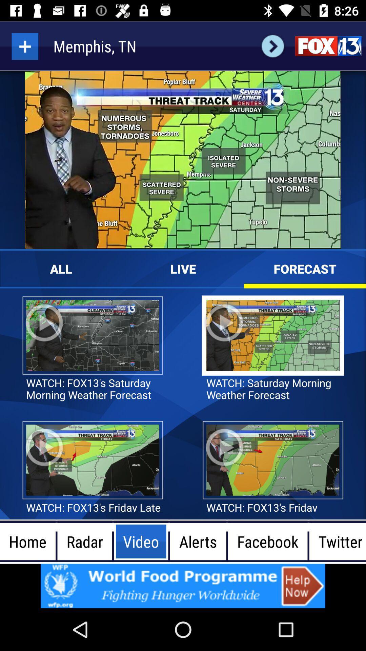  I want to click on next button, so click(272, 46).